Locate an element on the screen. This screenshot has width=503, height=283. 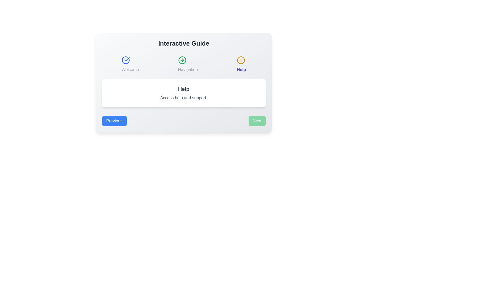
the navigation panel item in the interactive guide section, which includes 'Welcome', 'Navigation', and 'Help' labels is located at coordinates (184, 64).